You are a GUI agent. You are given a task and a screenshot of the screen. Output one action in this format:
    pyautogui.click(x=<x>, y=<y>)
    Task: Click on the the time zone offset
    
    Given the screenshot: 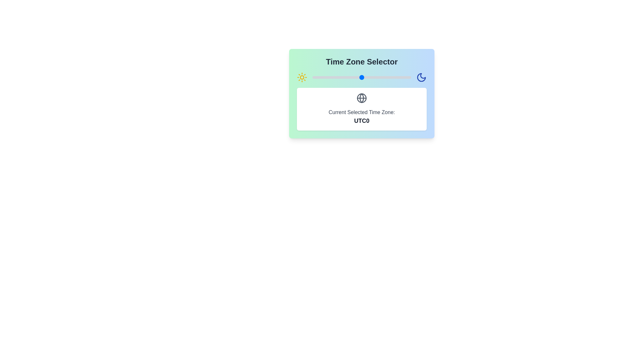 What is the action you would take?
    pyautogui.click(x=376, y=77)
    